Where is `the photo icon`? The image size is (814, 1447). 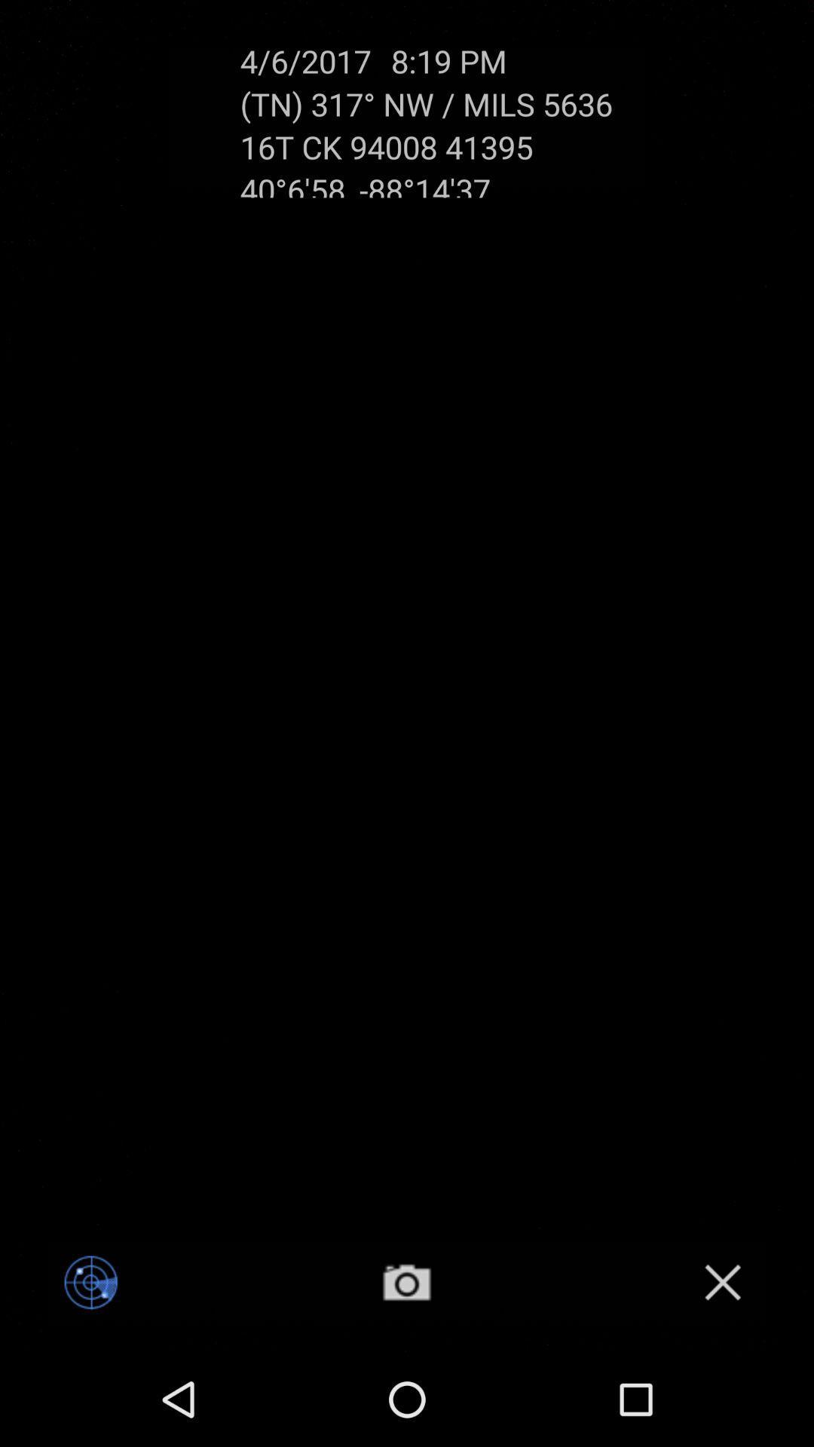
the photo icon is located at coordinates (407, 1372).